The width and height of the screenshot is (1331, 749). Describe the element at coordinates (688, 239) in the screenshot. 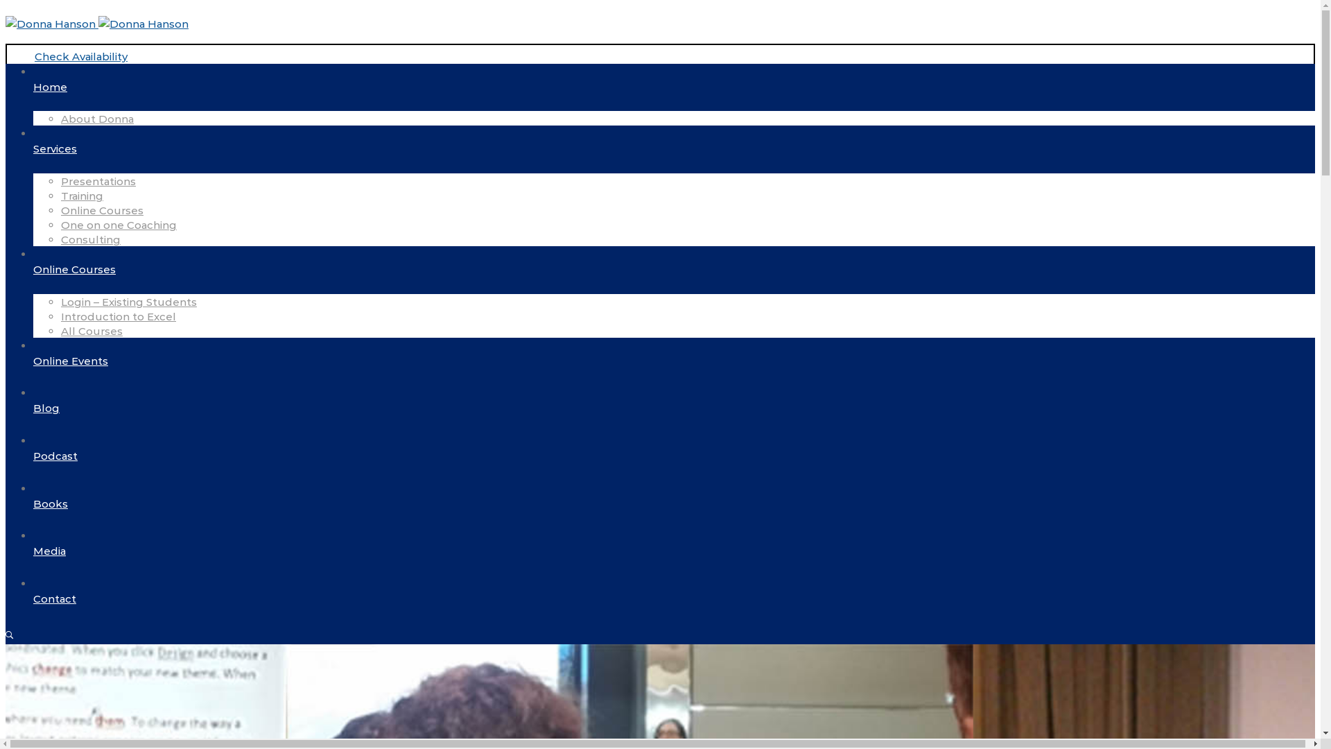

I see `'Consulting'` at that location.